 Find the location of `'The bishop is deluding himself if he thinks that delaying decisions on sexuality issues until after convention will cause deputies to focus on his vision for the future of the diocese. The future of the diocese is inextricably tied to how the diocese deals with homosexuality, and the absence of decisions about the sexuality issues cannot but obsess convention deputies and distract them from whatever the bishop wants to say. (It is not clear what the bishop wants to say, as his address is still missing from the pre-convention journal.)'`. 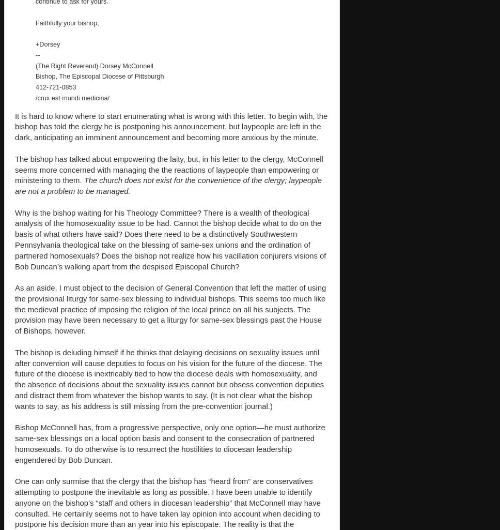

'The bishop is deluding himself if he thinks that delaying decisions on sexuality issues until after convention will cause deputies to focus on his vision for the future of the diocese. The future of the diocese is inextricably tied to how the diocese deals with homosexuality, and the absence of decisions about the sexuality issues cannot but obsess convention deputies and distract them from whatever the bishop wants to say. (It is not clear what the bishop wants to say, as his address is still missing from the pre-convention journal.)' is located at coordinates (169, 378).